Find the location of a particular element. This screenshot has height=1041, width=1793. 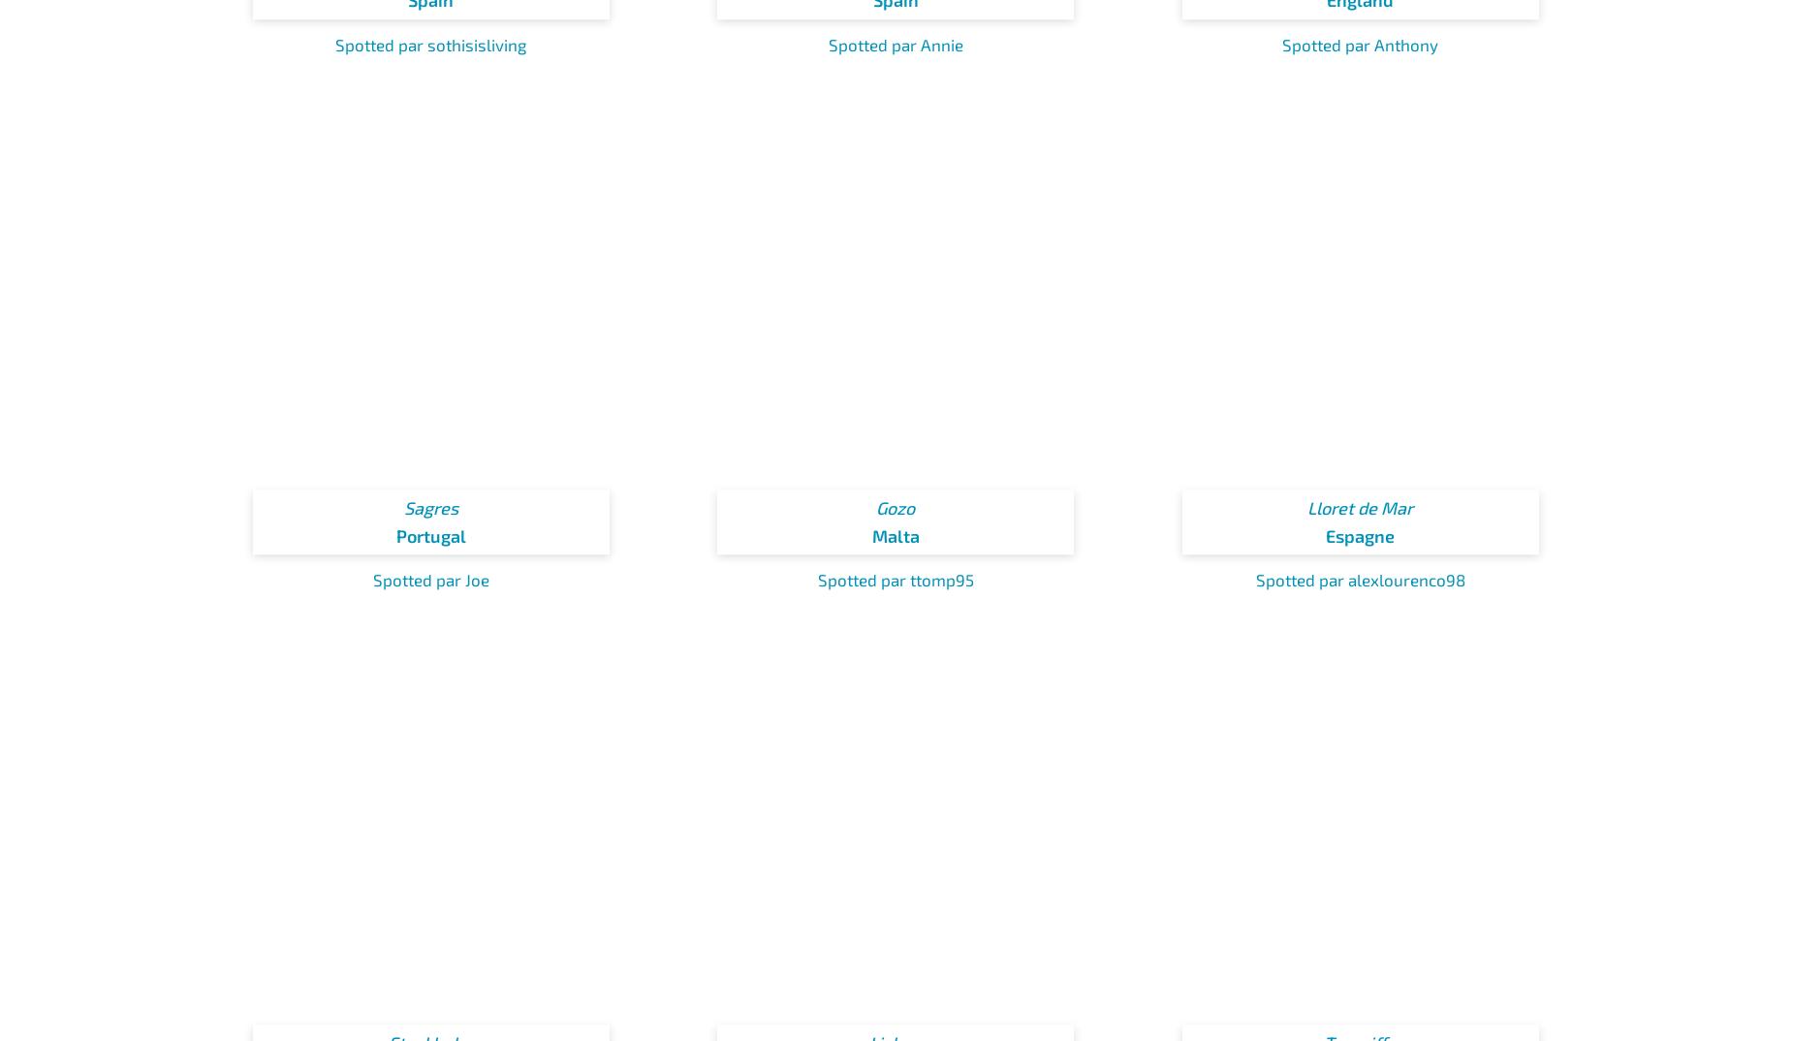

'Spotted par ttomp95' is located at coordinates (895, 580).